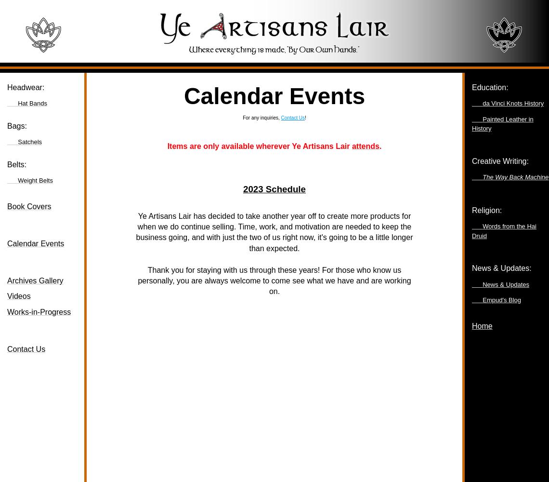 The width and height of the screenshot is (549, 482). What do you see at coordinates (32, 103) in the screenshot?
I see `'Hat Bands'` at bounding box center [32, 103].